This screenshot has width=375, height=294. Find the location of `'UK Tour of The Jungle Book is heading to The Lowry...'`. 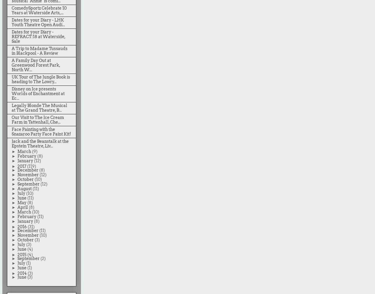

'UK Tour of The Jungle Book is heading to The Lowry...' is located at coordinates (41, 79).